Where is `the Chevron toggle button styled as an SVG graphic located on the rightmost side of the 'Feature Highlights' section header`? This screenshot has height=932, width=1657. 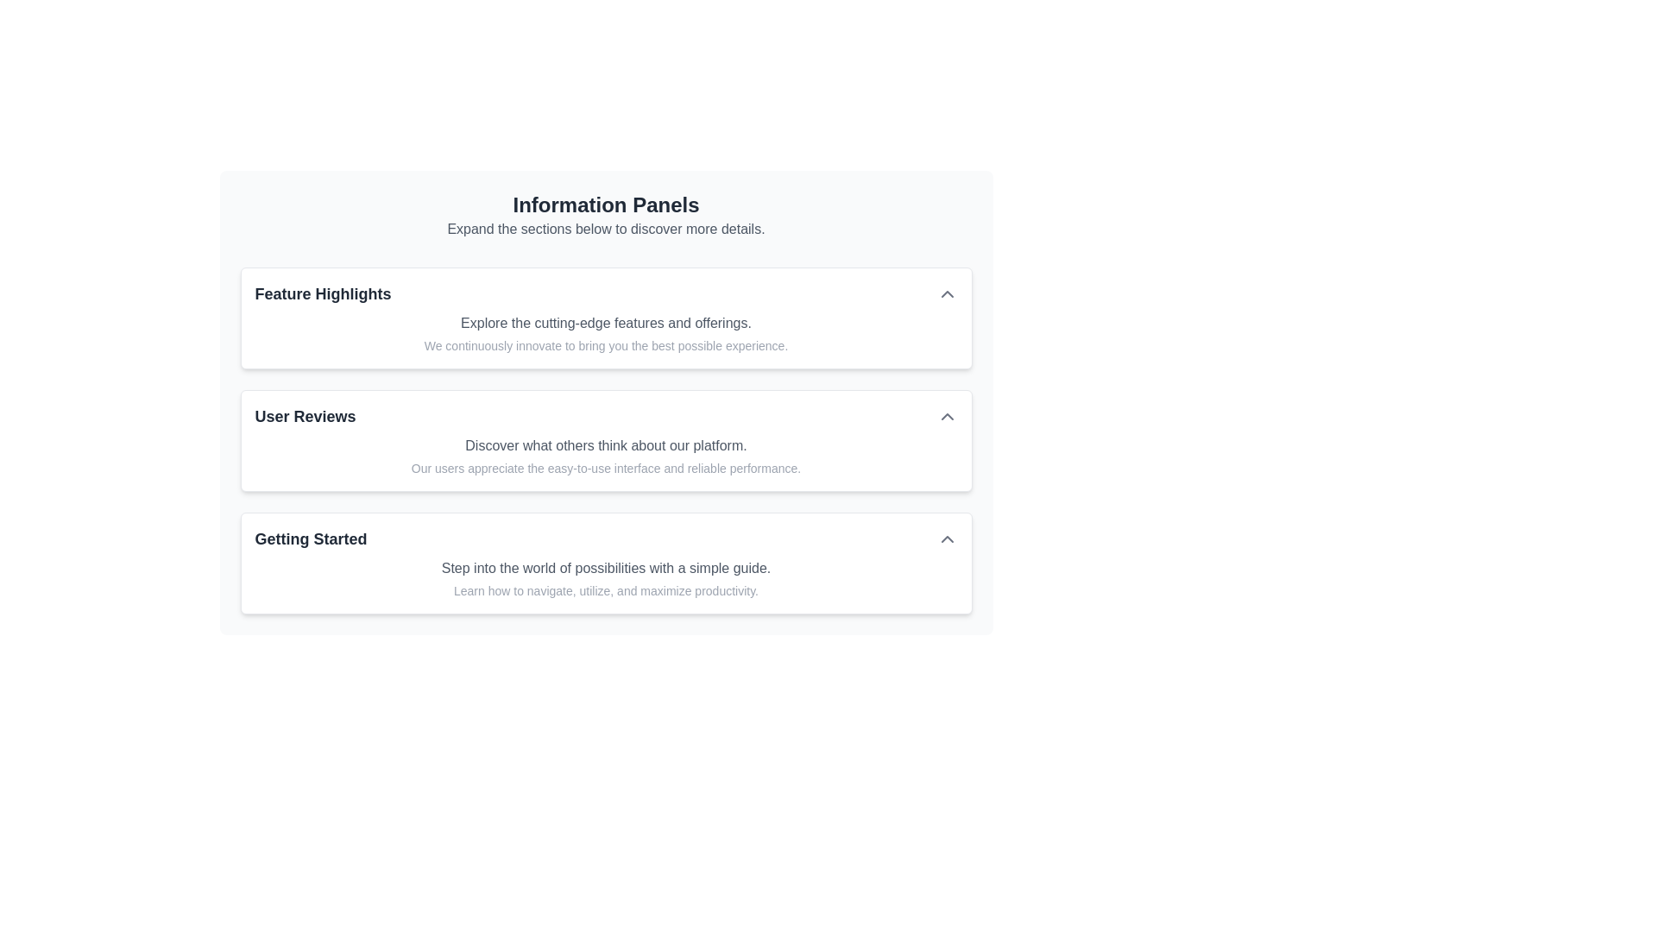 the Chevron toggle button styled as an SVG graphic located on the rightmost side of the 'Feature Highlights' section header is located at coordinates (946, 293).